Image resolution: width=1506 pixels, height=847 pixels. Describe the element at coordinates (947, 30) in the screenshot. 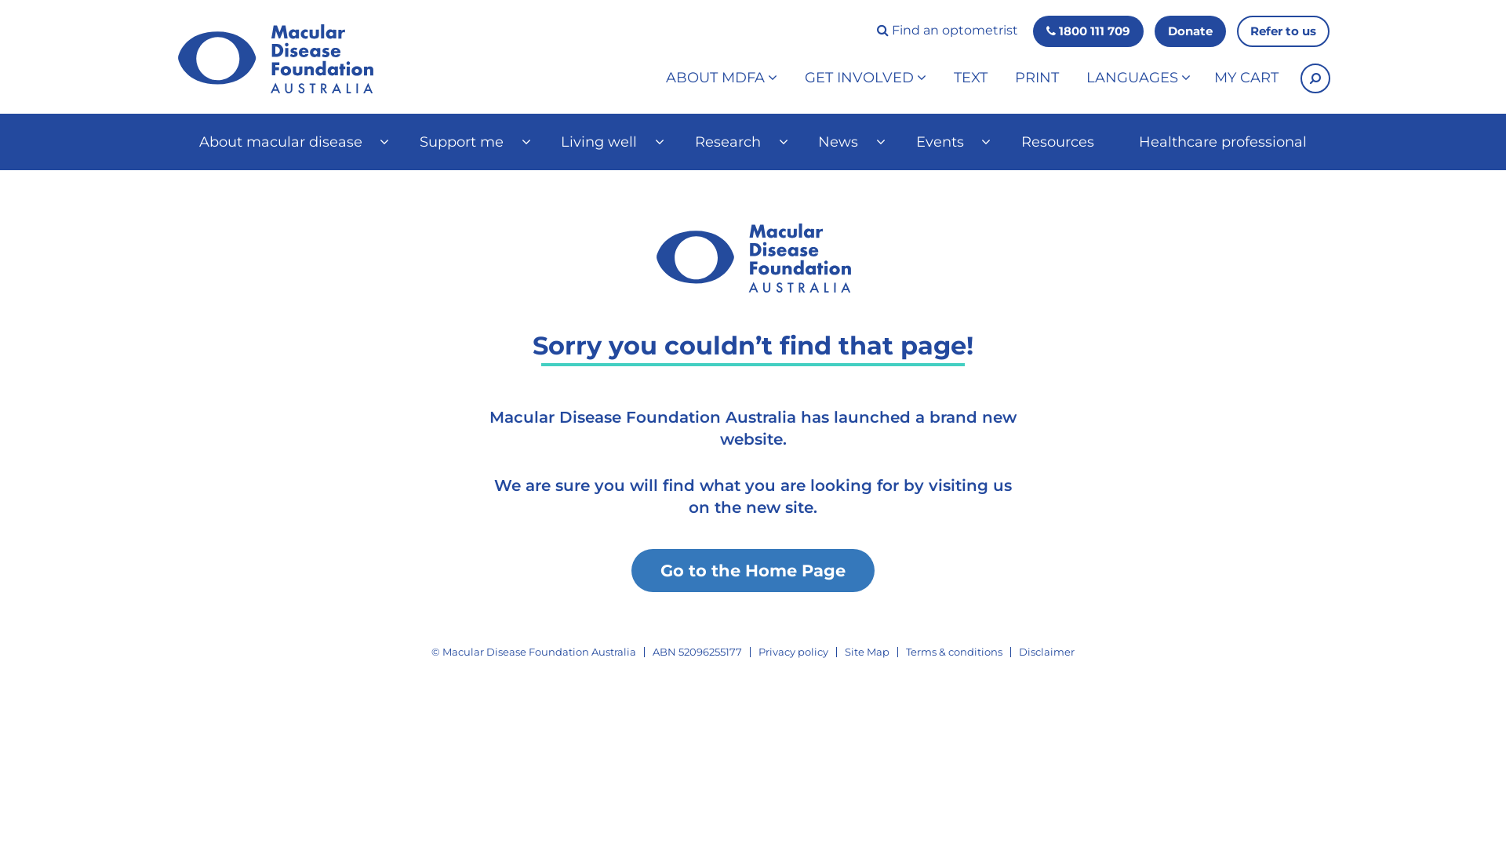

I see `'Find an optometrist'` at that location.